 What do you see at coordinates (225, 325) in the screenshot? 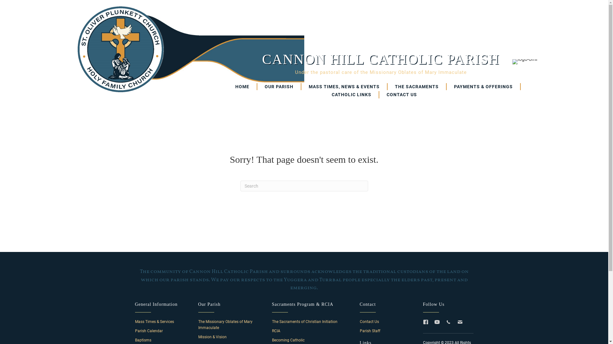
I see `'The Missionary Oblates of Mary Immaculate'` at bounding box center [225, 325].